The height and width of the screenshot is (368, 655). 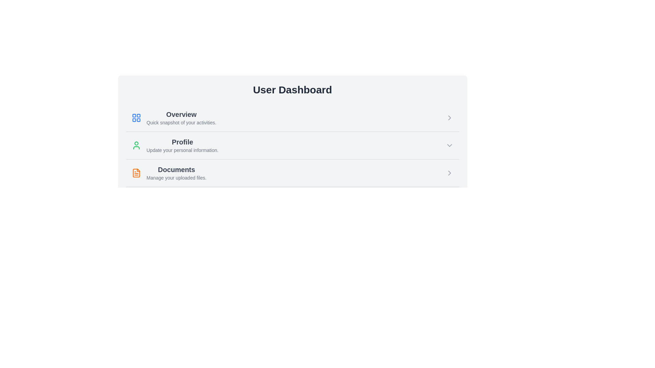 I want to click on the textual label that reads 'Update your personal information.' which is styled with a smaller font size and gray text, located directly below the 'Profile' title in the dashboard layout, so click(x=182, y=150).